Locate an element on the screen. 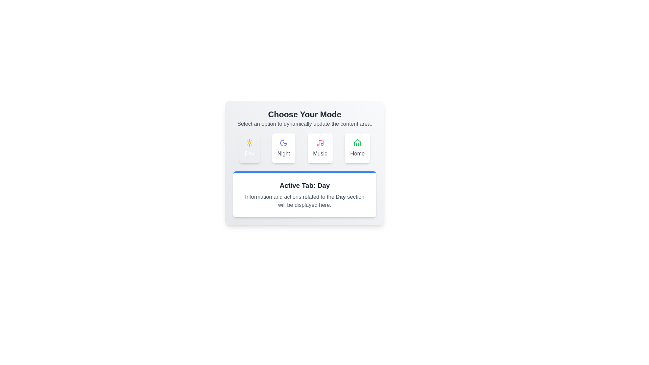  the 'Night' label, which is located beneath a crescent moon icon within the second selectable card from the left is located at coordinates (284, 154).